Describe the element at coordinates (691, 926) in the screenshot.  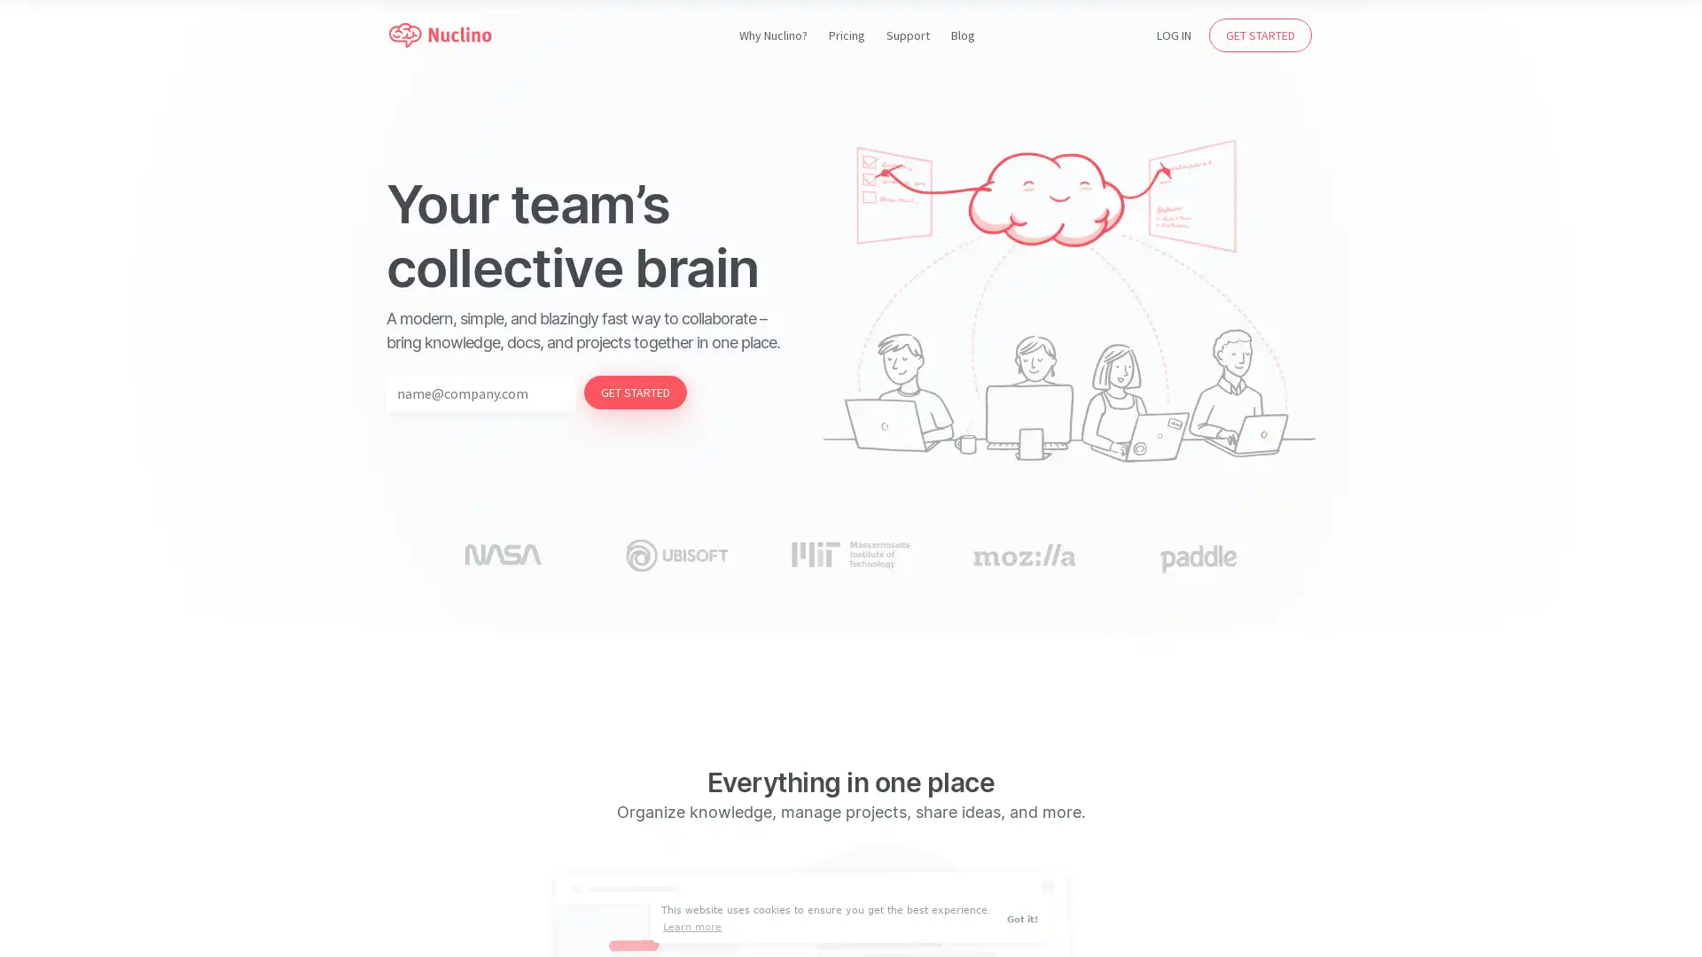
I see `learn more about cookies` at that location.